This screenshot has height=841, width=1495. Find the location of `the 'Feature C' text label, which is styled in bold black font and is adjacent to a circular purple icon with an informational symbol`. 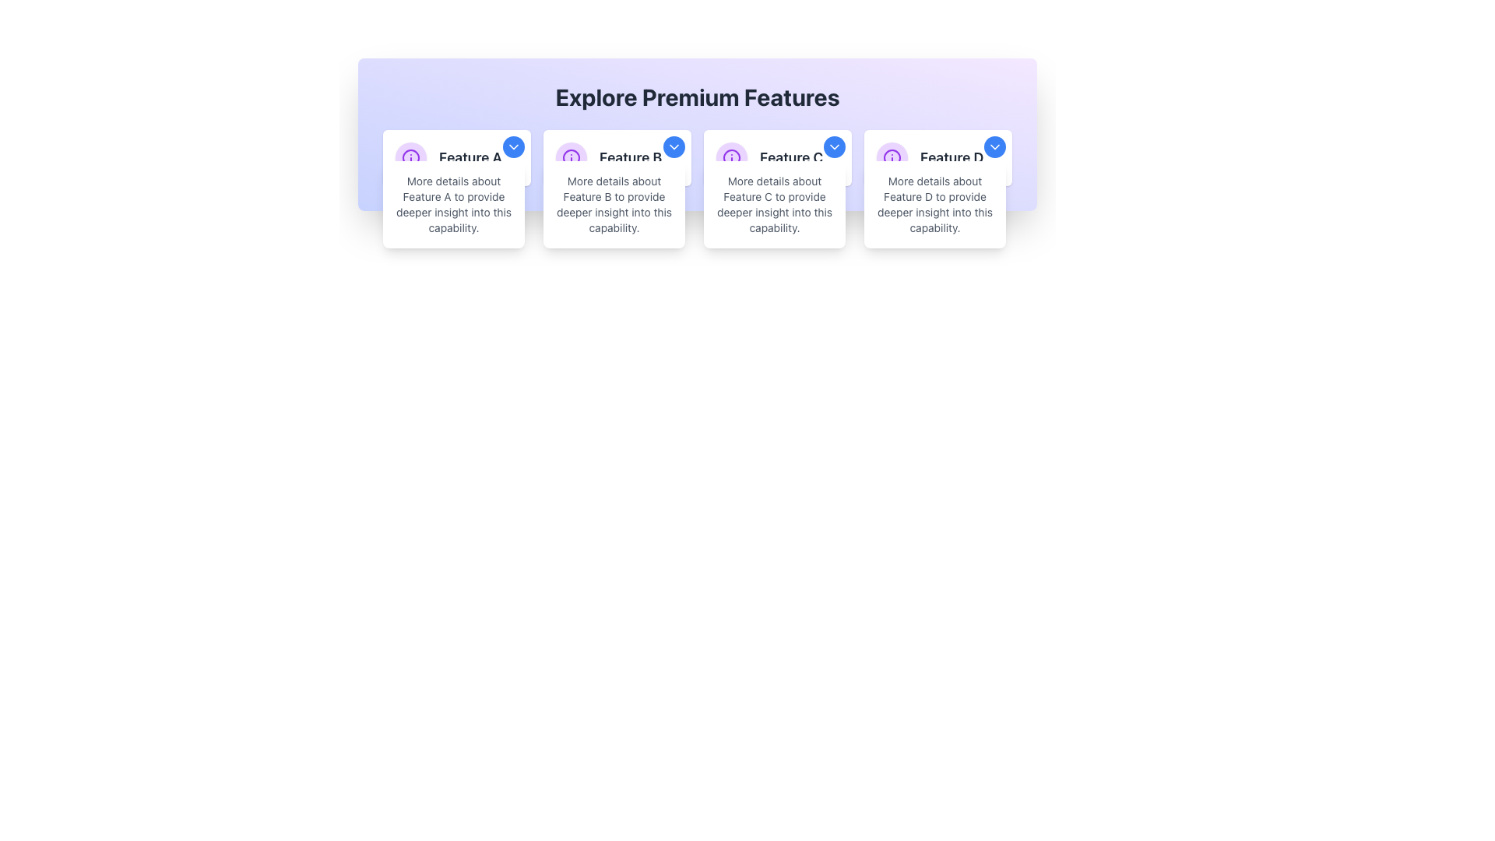

the 'Feature C' text label, which is styled in bold black font and is adjacent to a circular purple icon with an informational symbol is located at coordinates (777, 158).